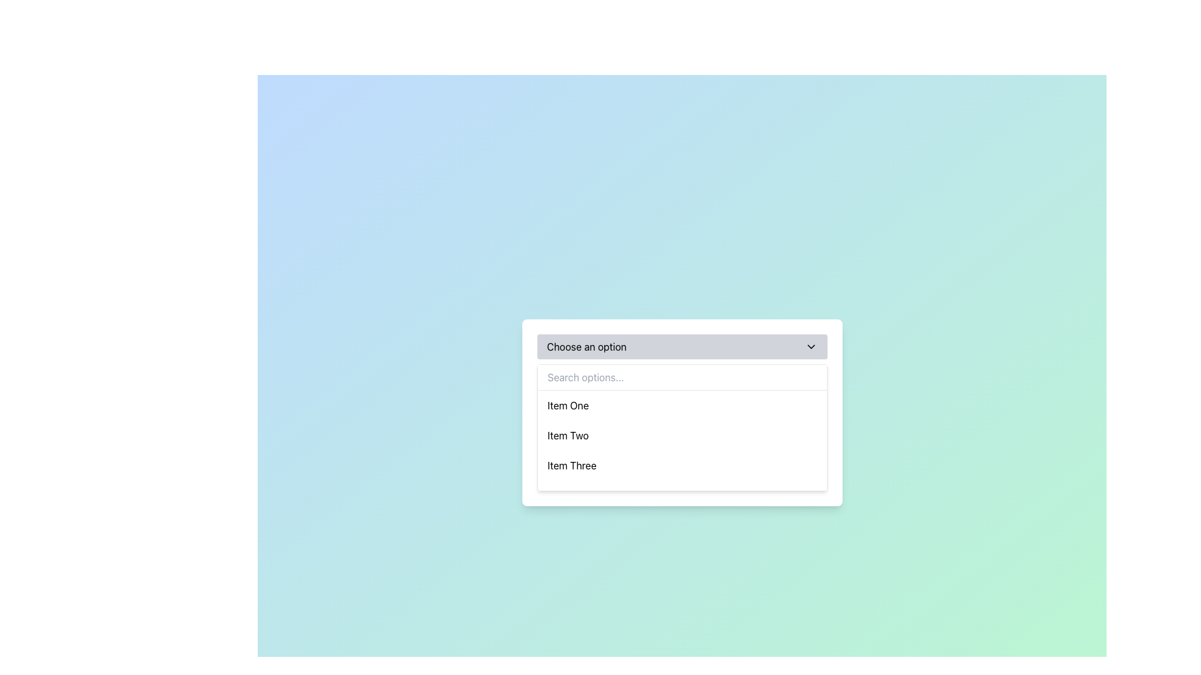 The image size is (1201, 675). I want to click on to select the second item in the dropdown menu located beneath 'Item One' and above 'Item Three', so click(681, 434).